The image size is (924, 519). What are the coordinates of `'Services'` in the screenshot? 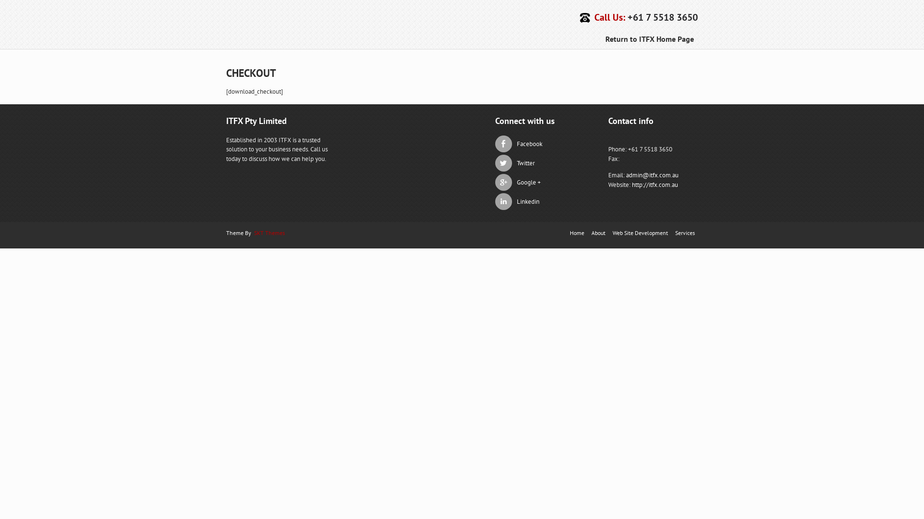 It's located at (684, 232).